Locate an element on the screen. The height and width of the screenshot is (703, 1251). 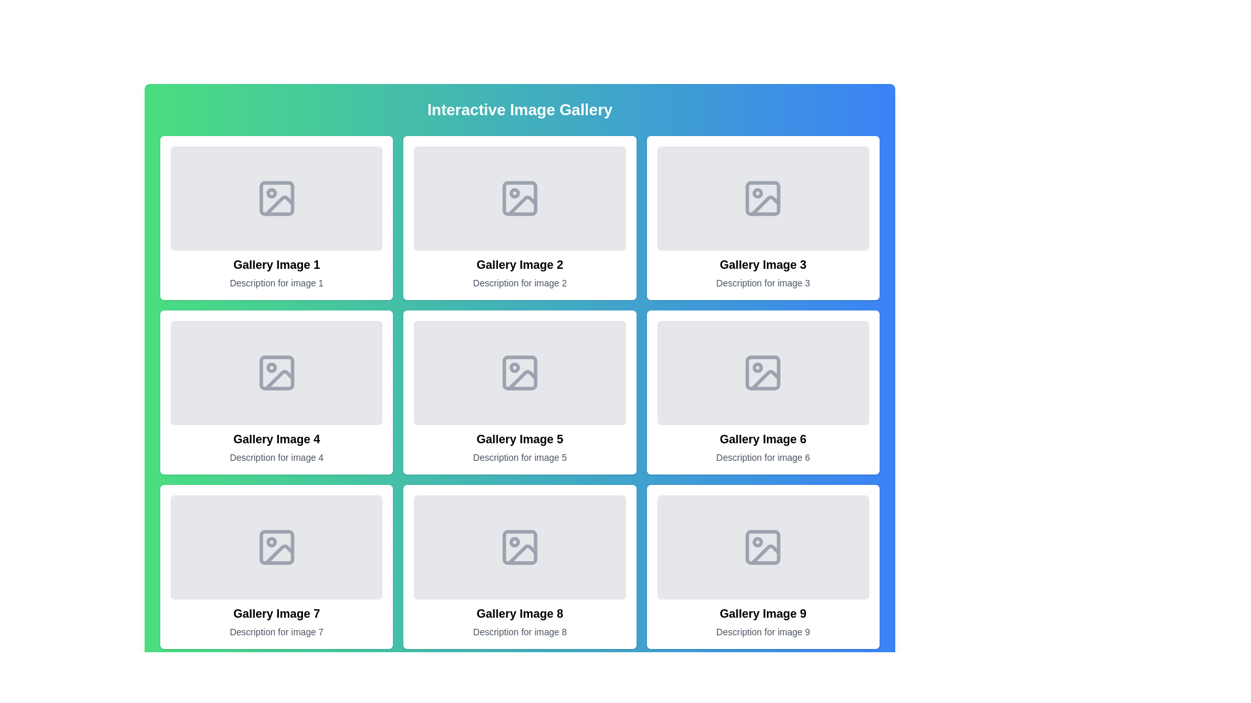
the top left rectangle of the gallery grid, which represents 'Gallery Image 1' is located at coordinates (276, 198).